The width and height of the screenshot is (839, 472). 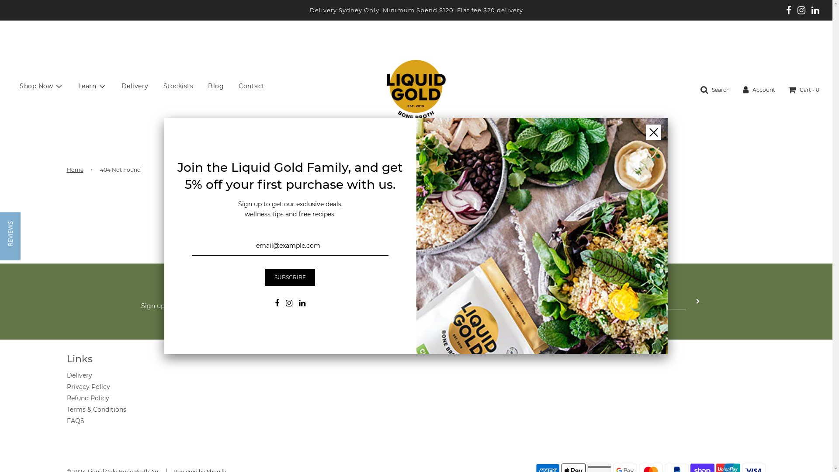 I want to click on 'Account', so click(x=759, y=89).